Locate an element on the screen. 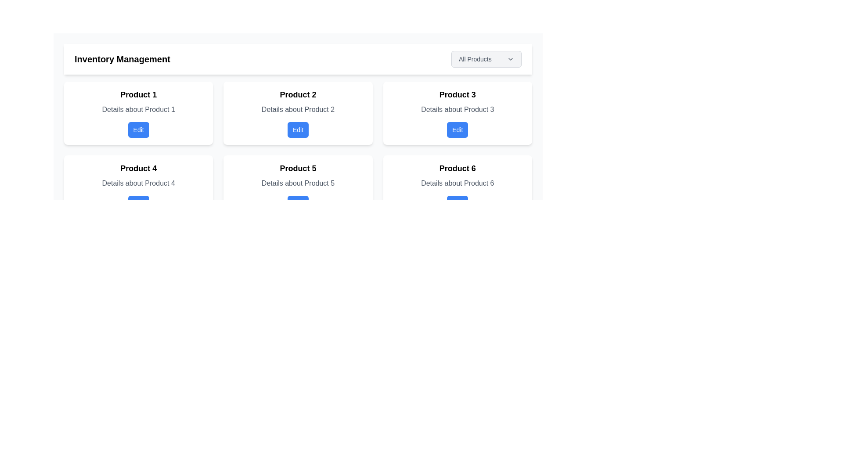 Image resolution: width=843 pixels, height=474 pixels. the edit button for 'Product 6' is located at coordinates (457, 203).